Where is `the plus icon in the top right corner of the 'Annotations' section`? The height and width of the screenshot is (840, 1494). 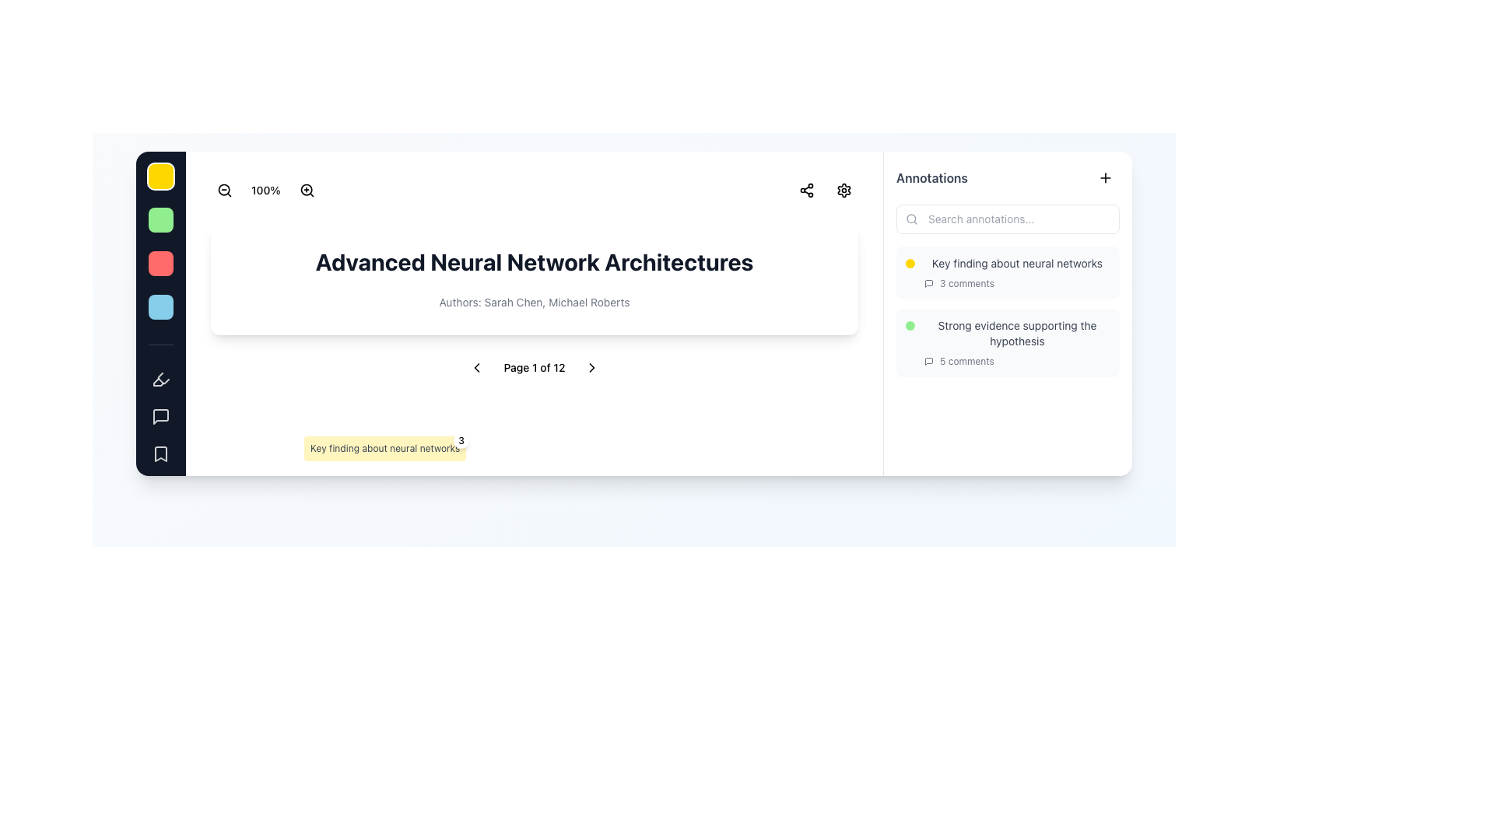
the plus icon in the top right corner of the 'Annotations' section is located at coordinates (1104, 177).